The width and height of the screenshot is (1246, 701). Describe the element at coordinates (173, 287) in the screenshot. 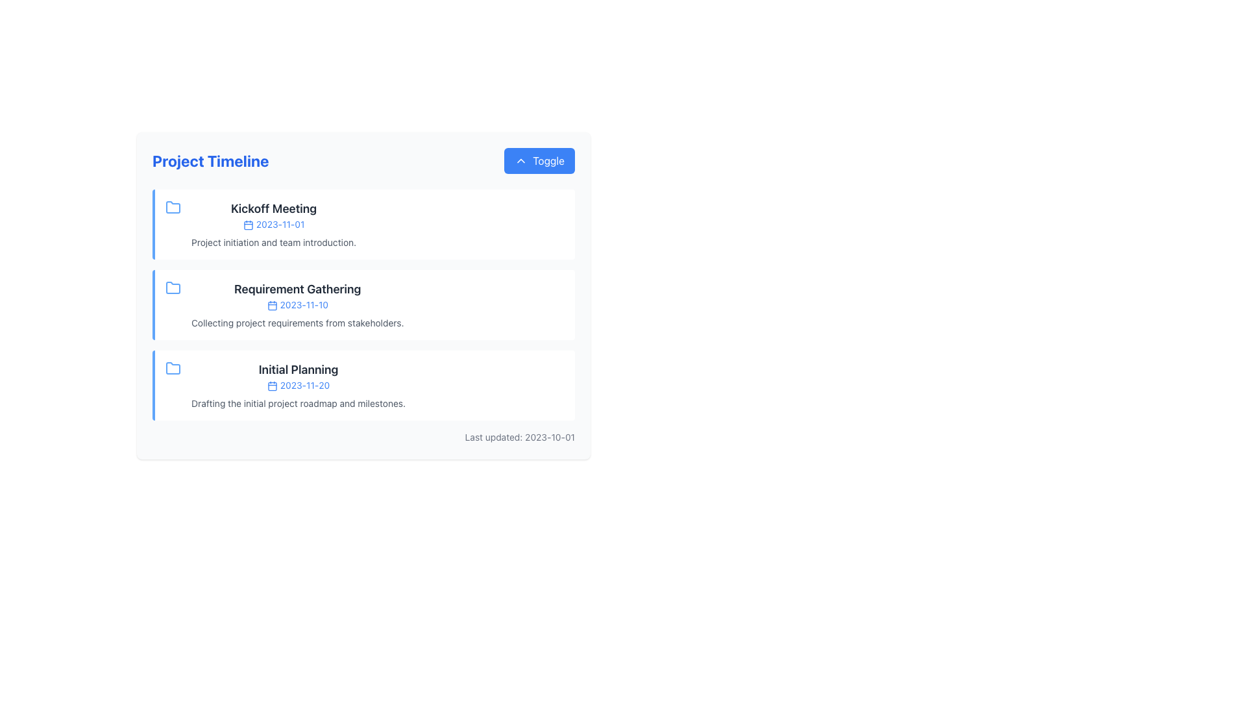

I see `the folder icon located in the top-left corner of the 'Requirement Gathering' item in the Project Timeline, positioned to the left of the text 'Requirement Gathering'` at that location.